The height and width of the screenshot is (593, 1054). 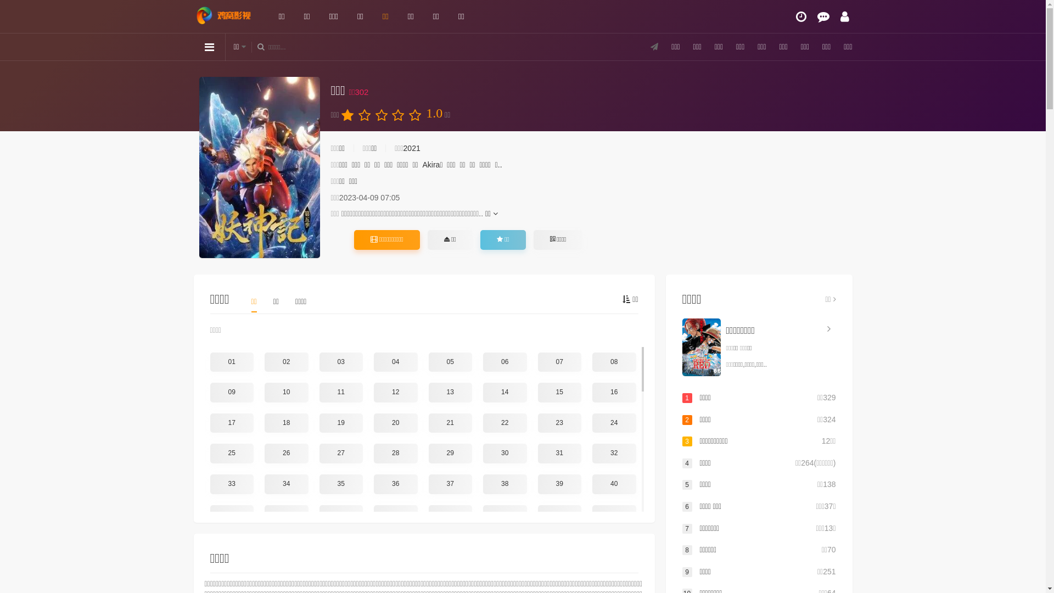 I want to click on '23', so click(x=537, y=423).